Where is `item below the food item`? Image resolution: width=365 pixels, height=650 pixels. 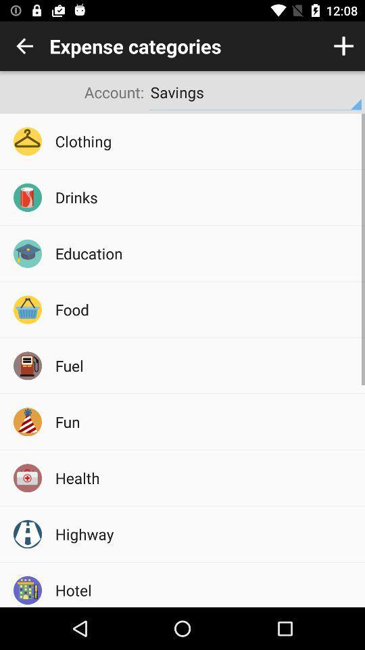 item below the food item is located at coordinates (205, 365).